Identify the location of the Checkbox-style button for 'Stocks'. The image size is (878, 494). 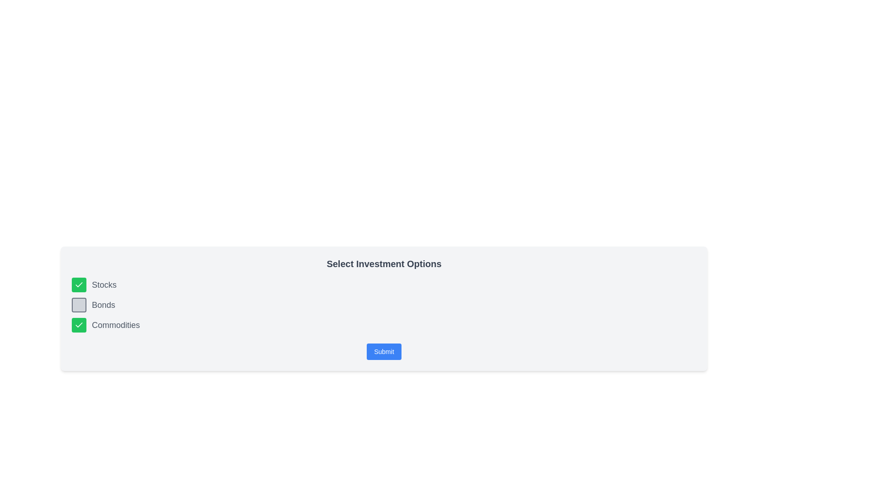
(79, 285).